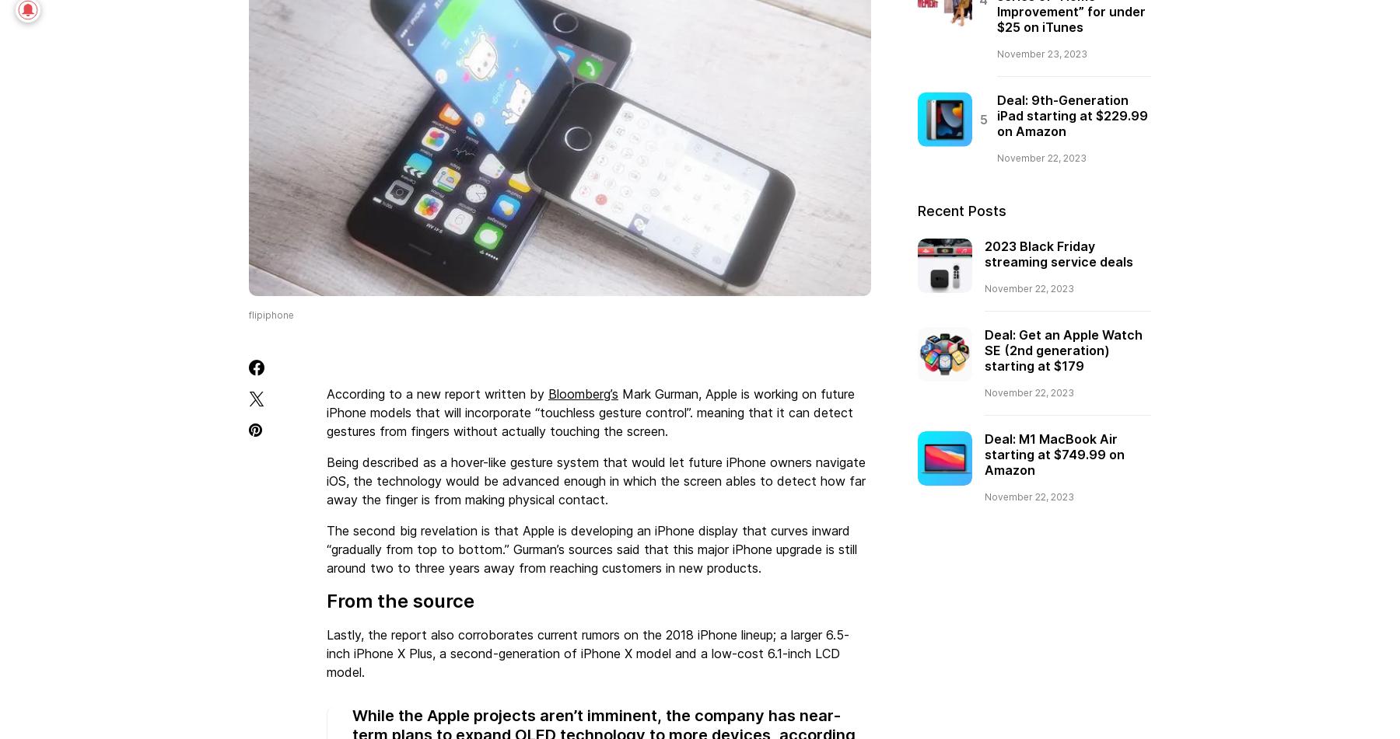 This screenshot has height=739, width=1400. Describe the element at coordinates (399, 599) in the screenshot. I see `'From the source'` at that location.